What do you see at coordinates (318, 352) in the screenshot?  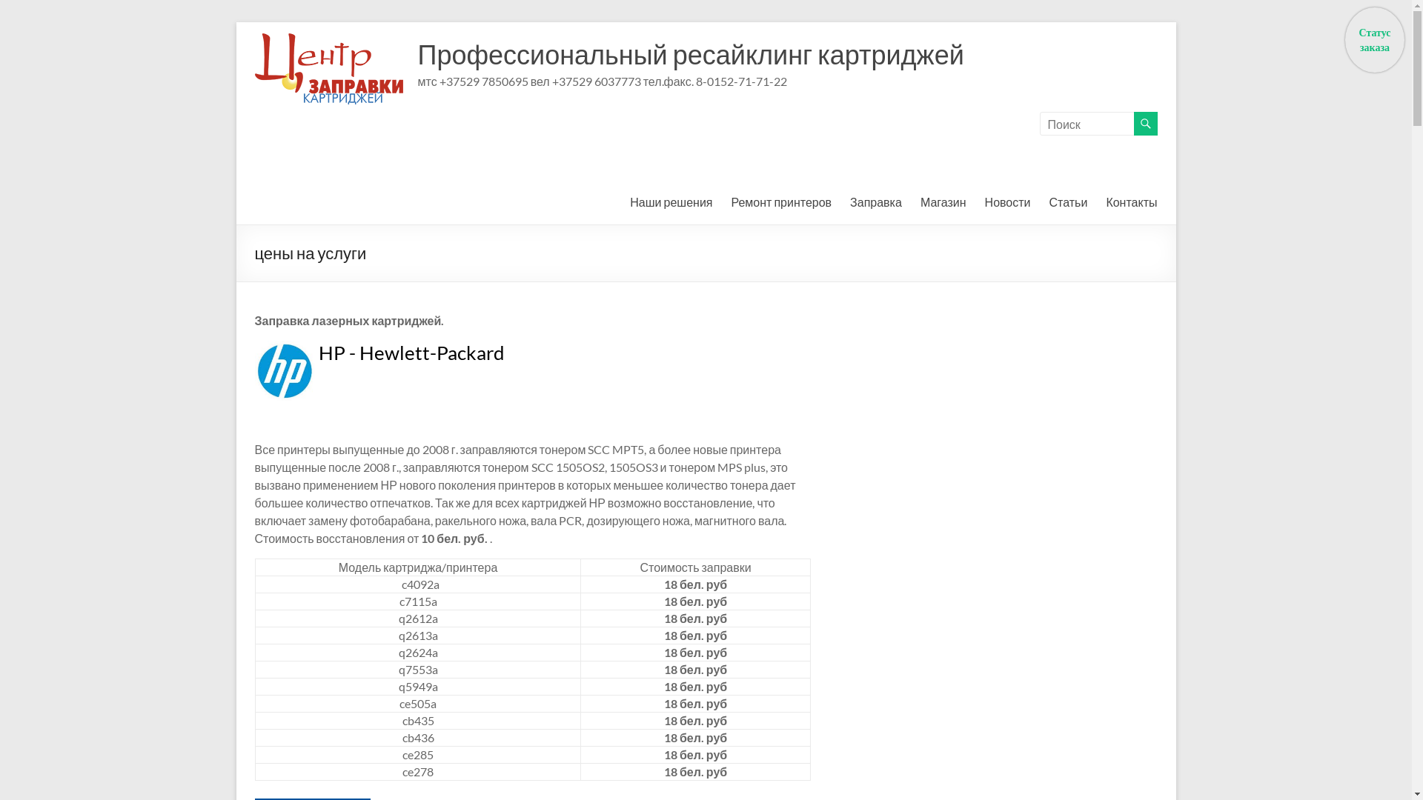 I see `'HP - Hewlett-Packard'` at bounding box center [318, 352].